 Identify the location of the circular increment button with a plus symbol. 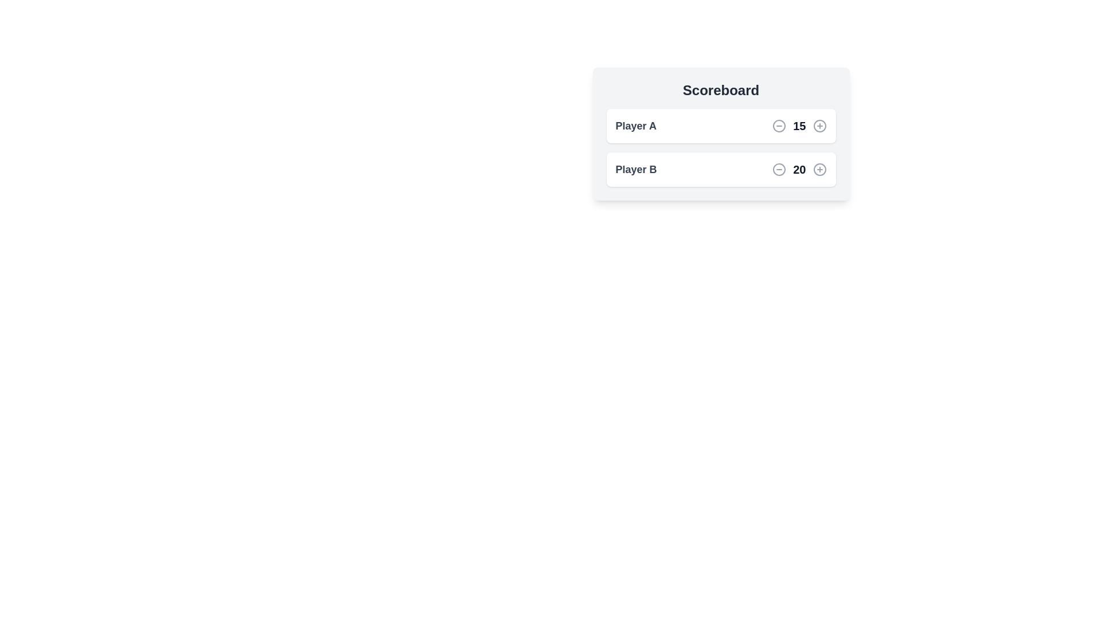
(819, 126).